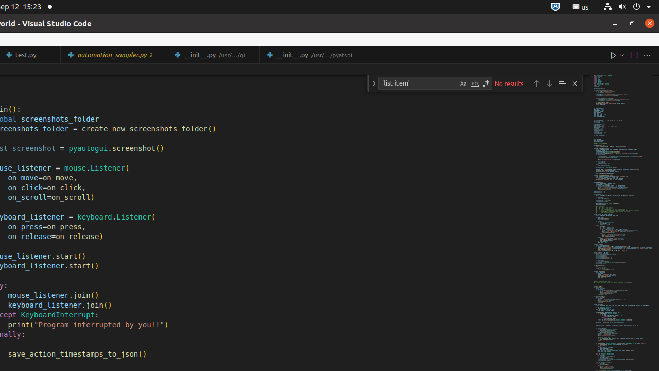  Describe the element at coordinates (561, 82) in the screenshot. I see `'Find in Selection (Alt+L)'` at that location.